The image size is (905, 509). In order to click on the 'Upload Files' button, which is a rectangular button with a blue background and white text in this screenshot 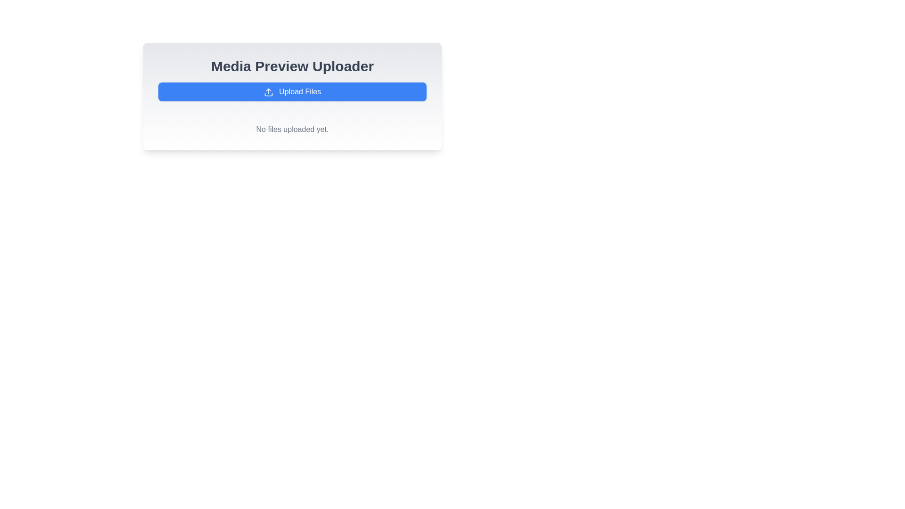, I will do `click(292, 92)`.